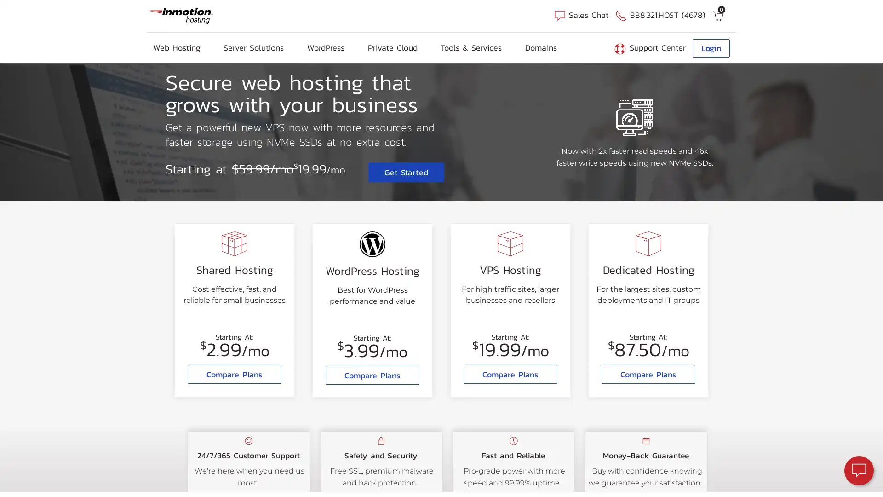 This screenshot has height=497, width=883. What do you see at coordinates (648, 374) in the screenshot?
I see `Compare Plans` at bounding box center [648, 374].